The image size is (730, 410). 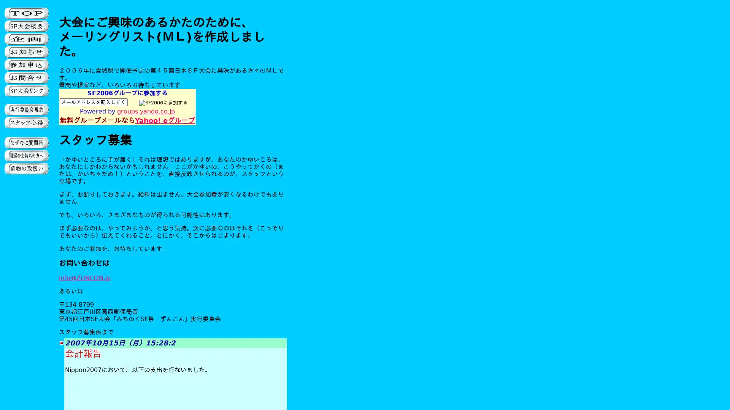 I want to click on SF2006, so click(x=163, y=102).